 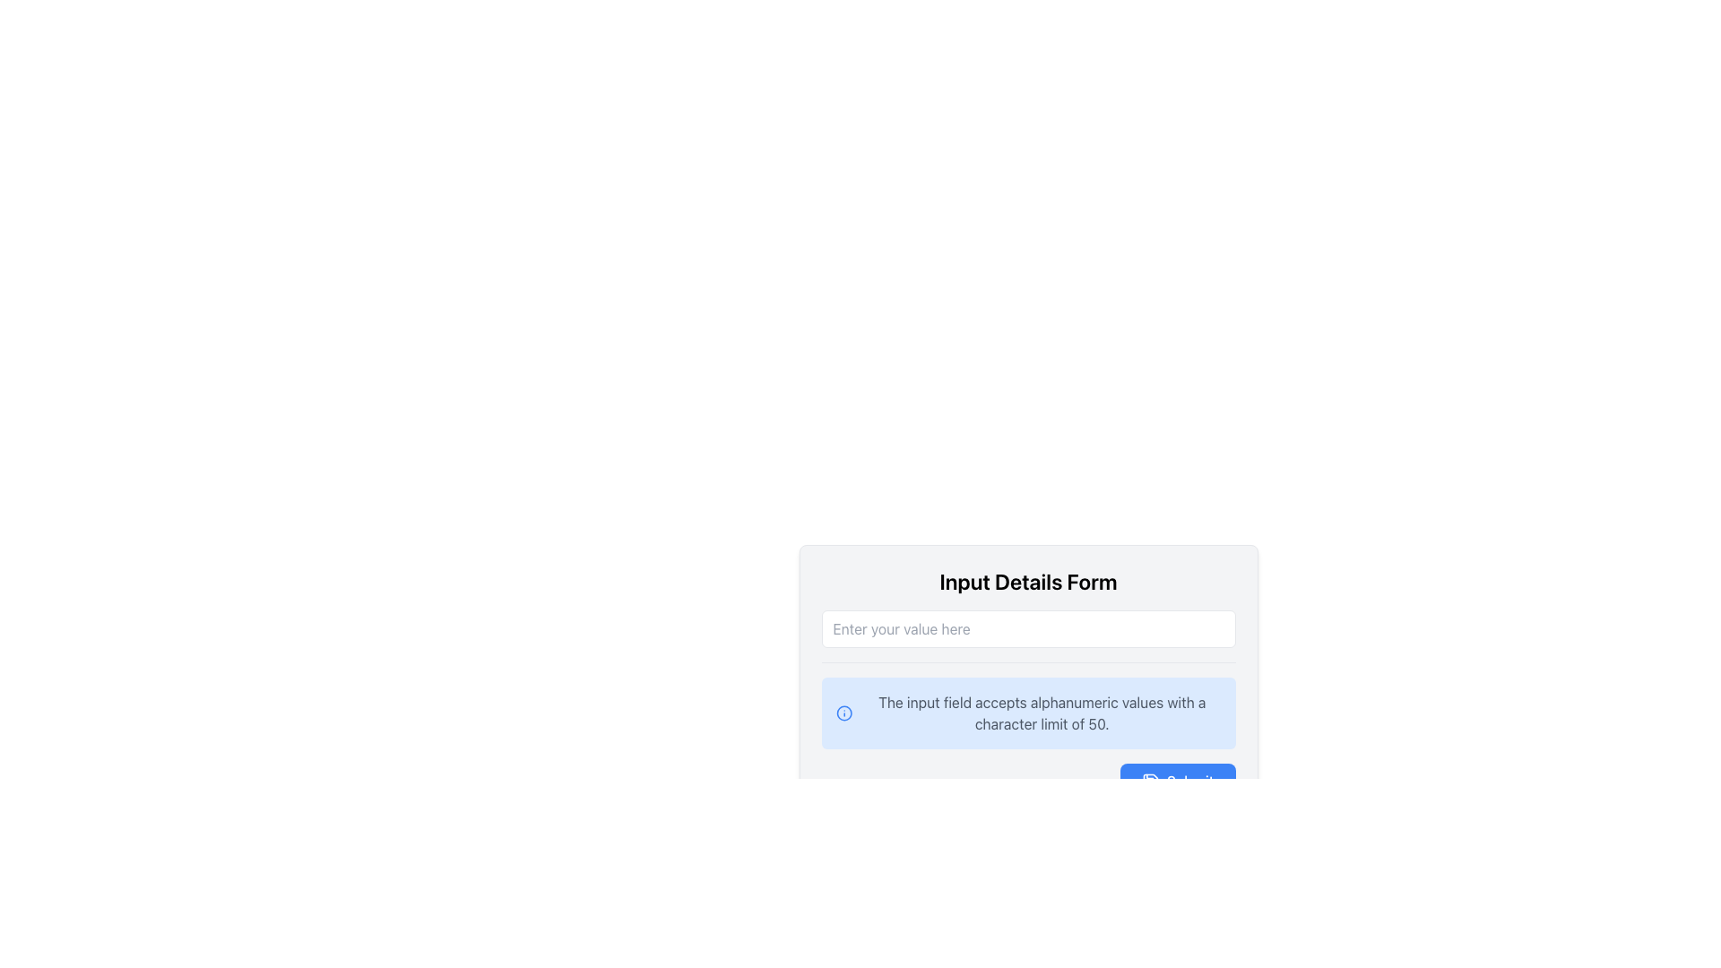 I want to click on the informational banner or tooltip located below the input field, slightly centered horizontally within the form layout, so click(x=1028, y=739).